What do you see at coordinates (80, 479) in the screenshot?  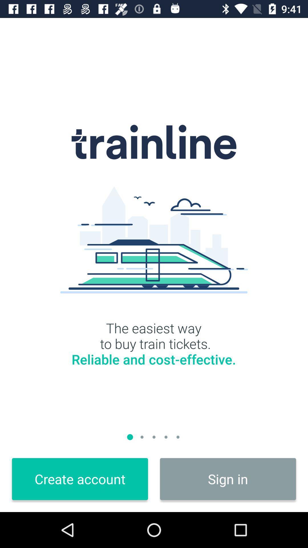 I see `the item next to sign in item` at bounding box center [80, 479].